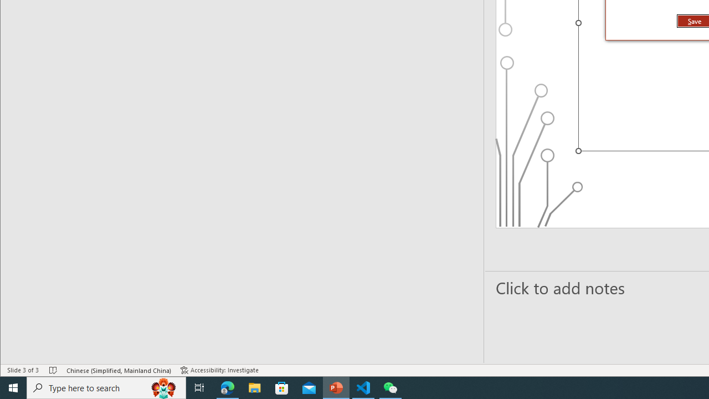  I want to click on 'PowerPoint - 1 running window', so click(336, 387).